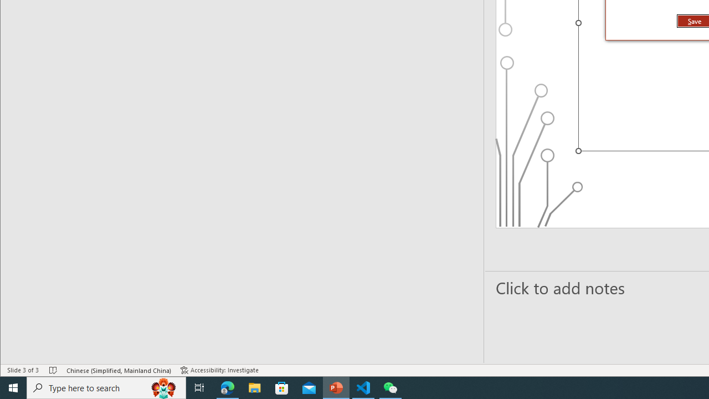  I want to click on 'PowerPoint - 1 running window', so click(336, 387).